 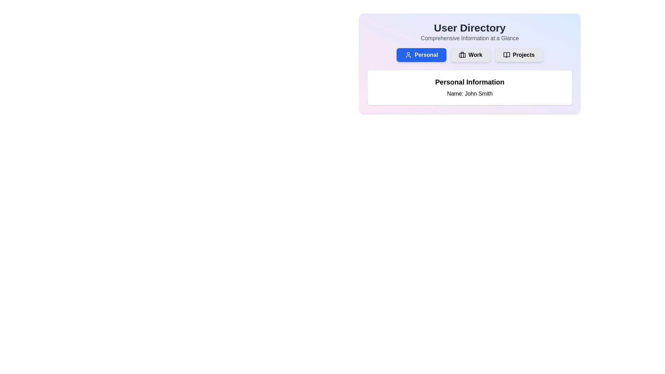 I want to click on the 'Projects' button, the third button in a group of three, so click(x=519, y=54).